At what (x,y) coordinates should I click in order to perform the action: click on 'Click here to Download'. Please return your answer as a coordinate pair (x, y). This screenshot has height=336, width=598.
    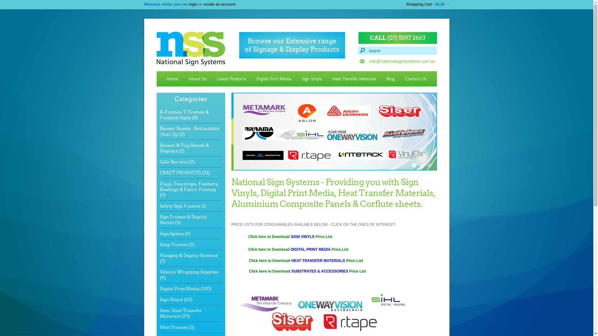
    Looking at the image, I should click on (269, 249).